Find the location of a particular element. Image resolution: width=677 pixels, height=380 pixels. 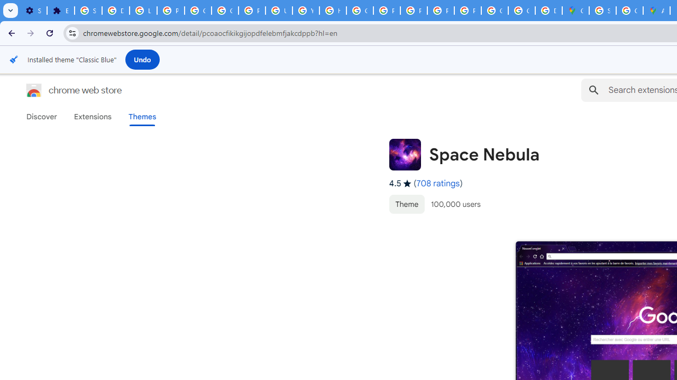

'Chrome Web Store logo' is located at coordinates (34, 90).